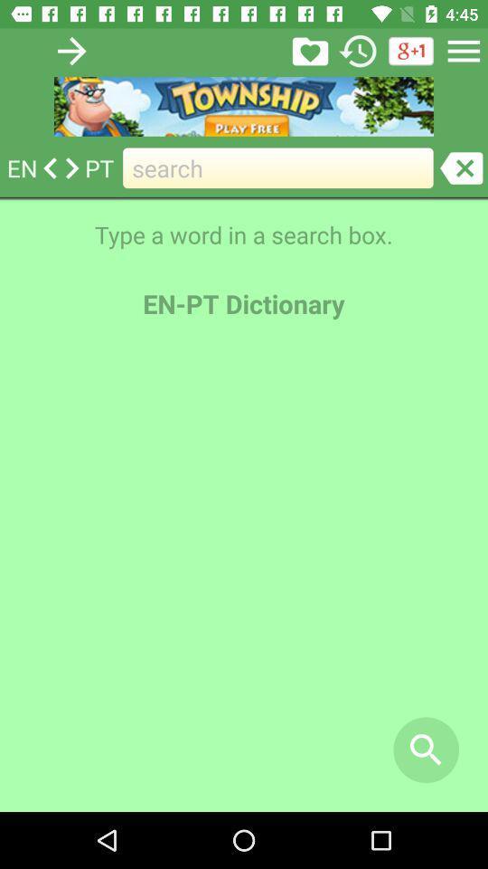 The width and height of the screenshot is (488, 869). Describe the element at coordinates (461, 167) in the screenshot. I see `go do colosed` at that location.